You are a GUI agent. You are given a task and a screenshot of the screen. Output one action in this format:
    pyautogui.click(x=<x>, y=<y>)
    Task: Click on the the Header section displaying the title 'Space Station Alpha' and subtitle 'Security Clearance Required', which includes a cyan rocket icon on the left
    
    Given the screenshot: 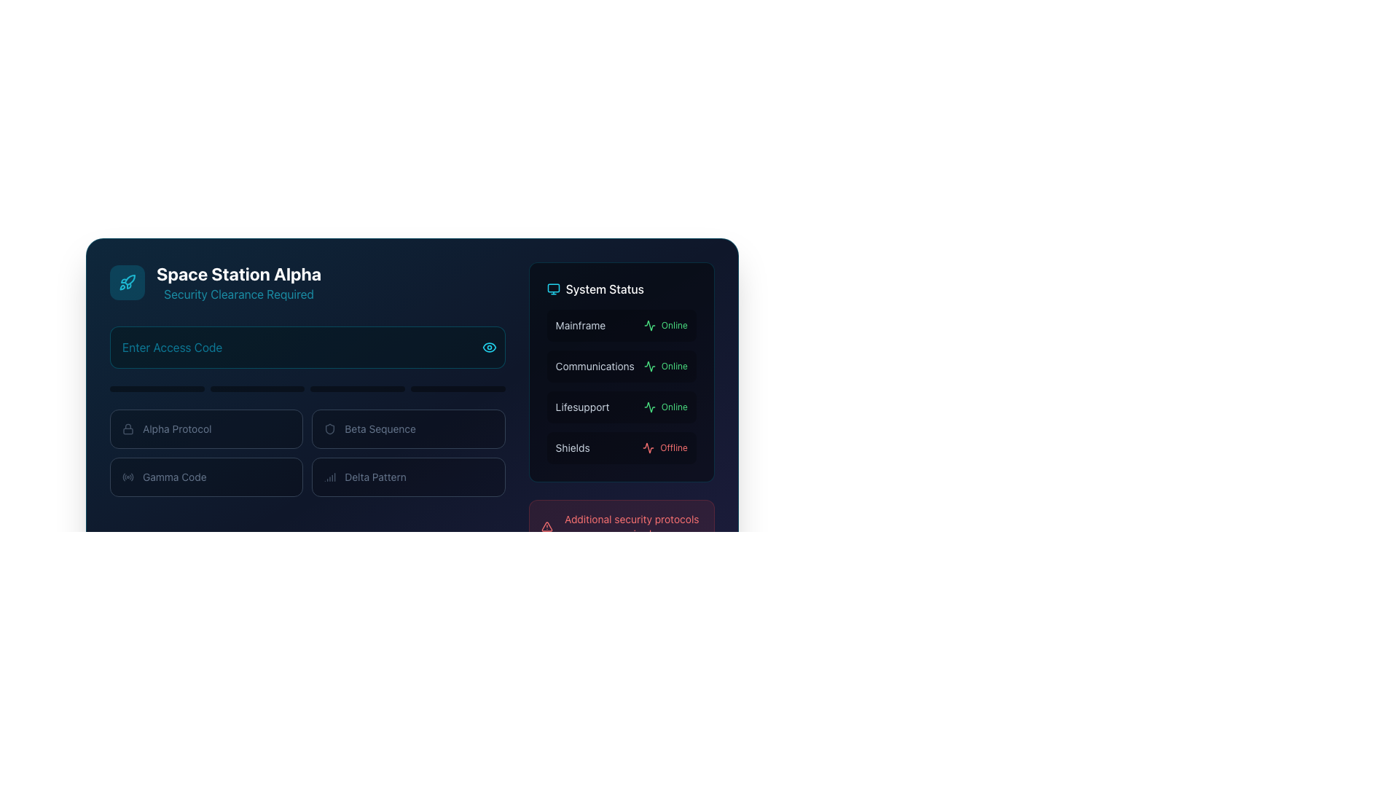 What is the action you would take?
    pyautogui.click(x=307, y=283)
    